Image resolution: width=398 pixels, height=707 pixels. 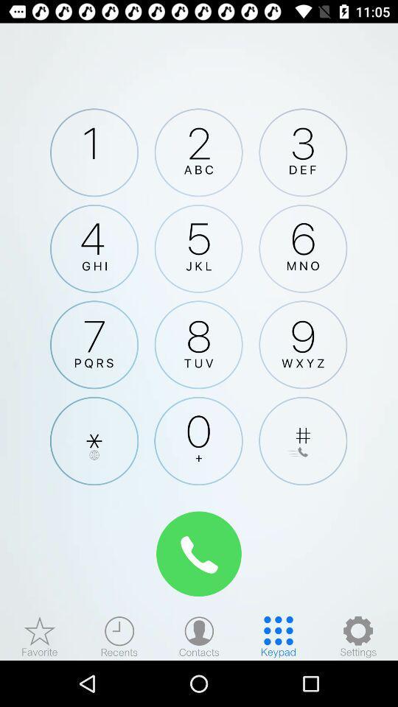 What do you see at coordinates (302, 248) in the screenshot?
I see `dial 6` at bounding box center [302, 248].